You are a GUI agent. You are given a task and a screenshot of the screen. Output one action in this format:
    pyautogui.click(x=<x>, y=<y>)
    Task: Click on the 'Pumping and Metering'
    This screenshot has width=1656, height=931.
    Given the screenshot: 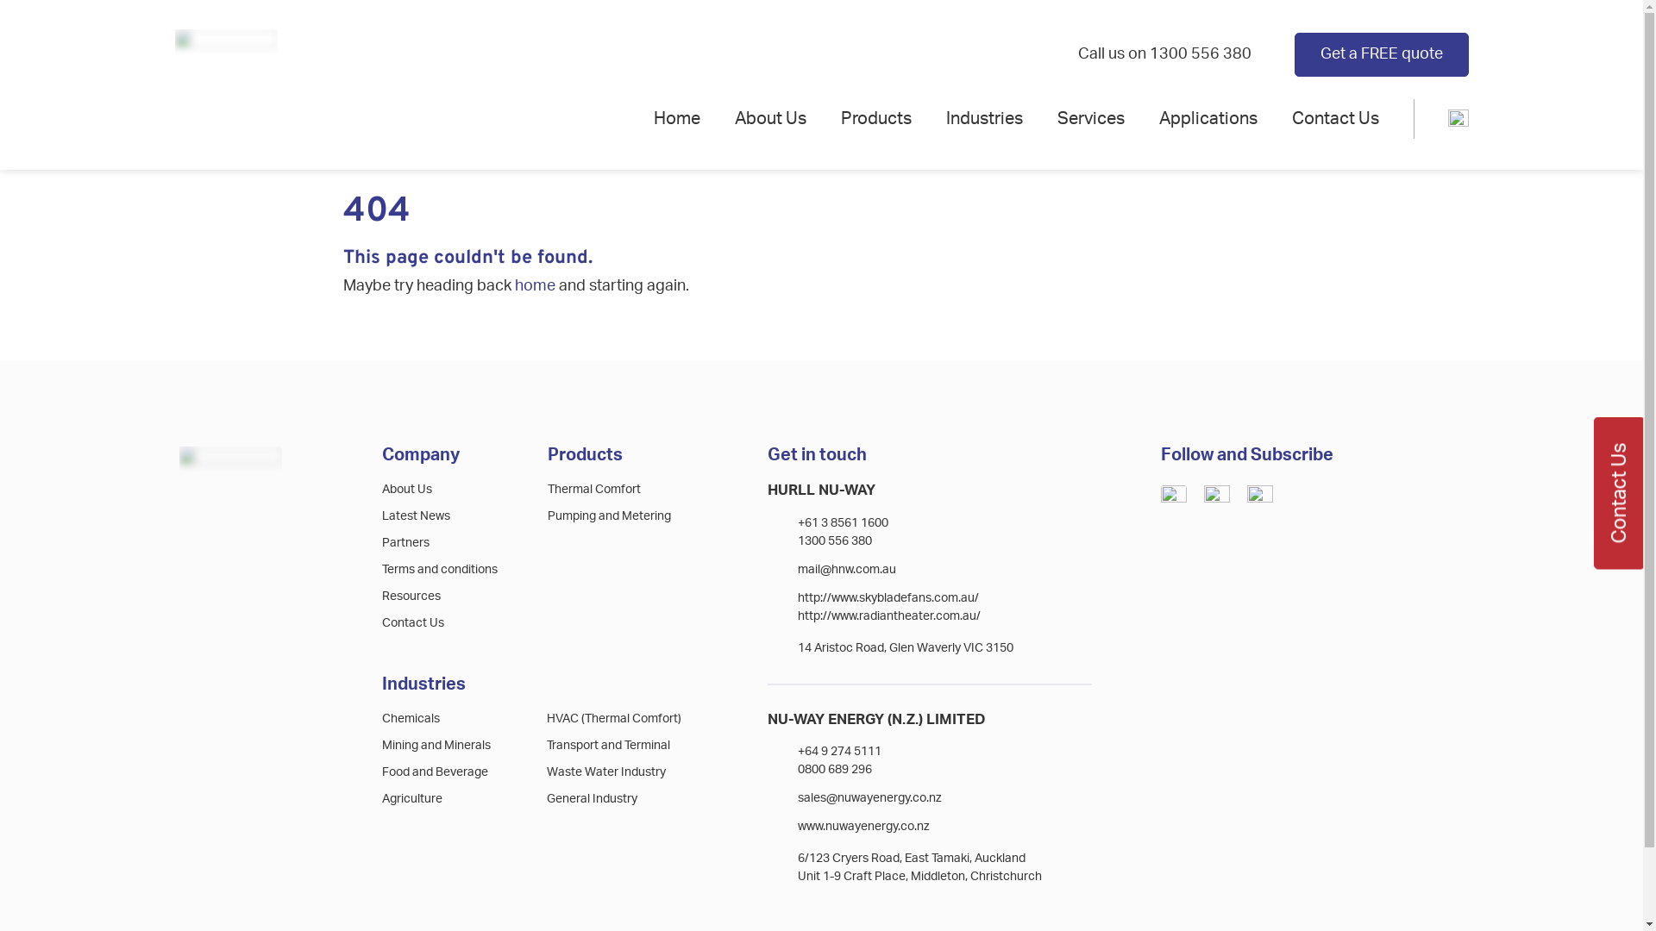 What is the action you would take?
    pyautogui.click(x=609, y=515)
    